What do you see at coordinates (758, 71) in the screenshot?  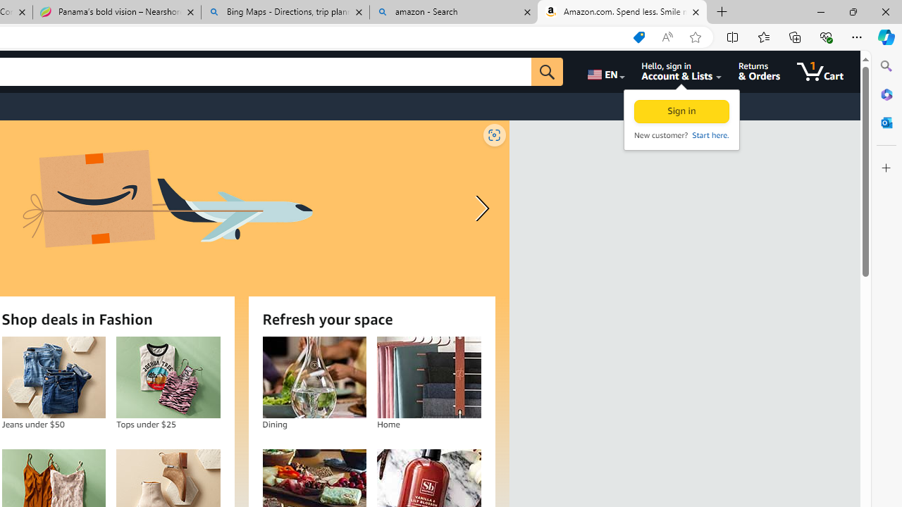 I see `'Returns & Orders'` at bounding box center [758, 71].